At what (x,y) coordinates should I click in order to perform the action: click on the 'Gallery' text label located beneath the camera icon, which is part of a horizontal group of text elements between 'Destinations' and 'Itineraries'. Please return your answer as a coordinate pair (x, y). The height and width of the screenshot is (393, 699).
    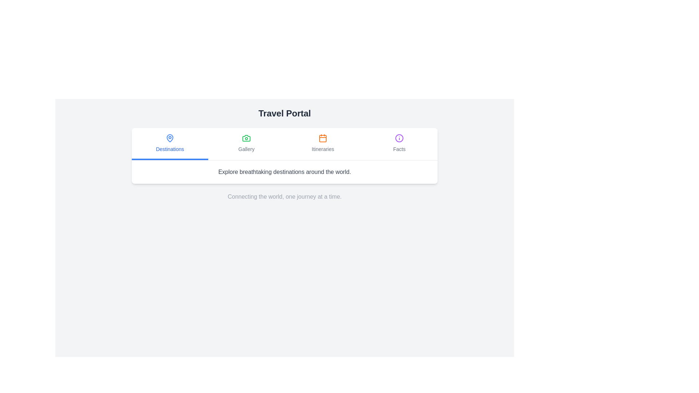
    Looking at the image, I should click on (246, 148).